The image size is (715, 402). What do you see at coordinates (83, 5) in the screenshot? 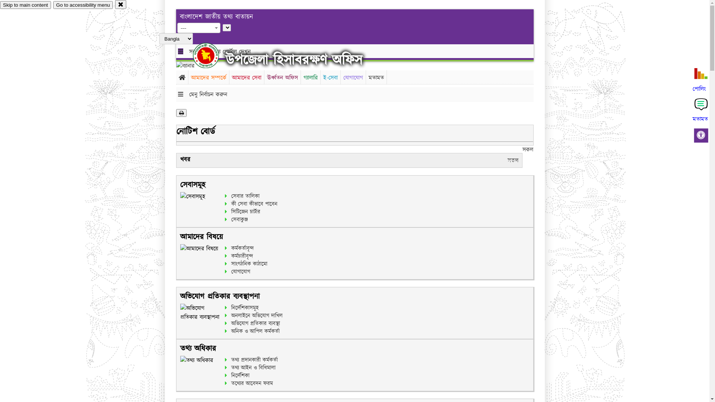
I see `'Go to accessibility menu'` at bounding box center [83, 5].